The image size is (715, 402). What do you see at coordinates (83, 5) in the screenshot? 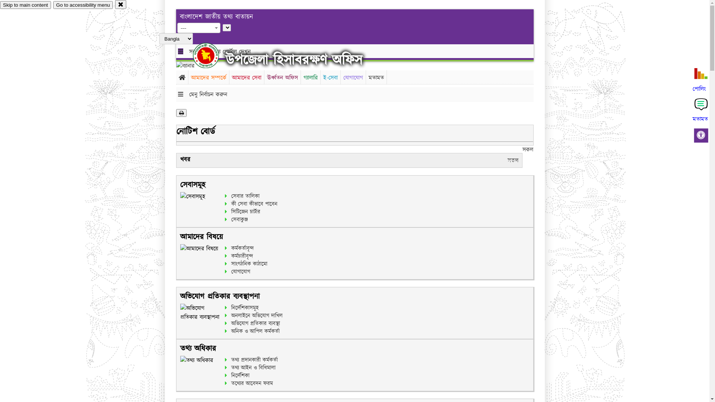
I see `'Go to accessibility menu'` at bounding box center [83, 5].